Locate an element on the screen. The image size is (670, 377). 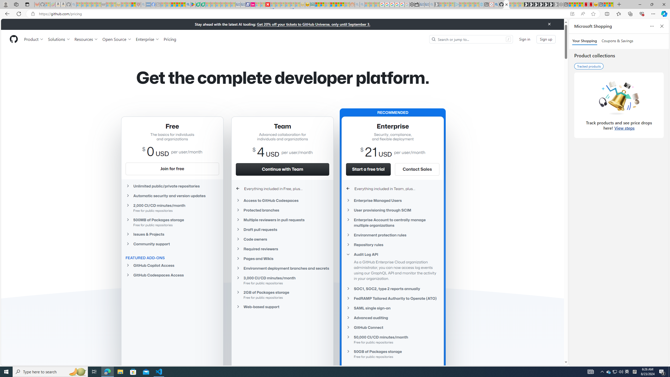
'Web-based support' is located at coordinates (283, 307).